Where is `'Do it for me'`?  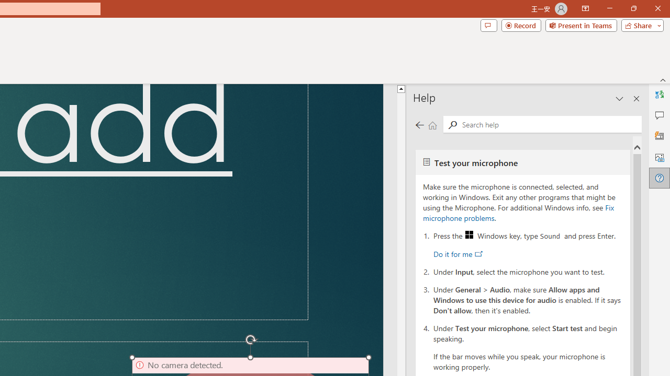
'Do it for me' is located at coordinates (457, 254).